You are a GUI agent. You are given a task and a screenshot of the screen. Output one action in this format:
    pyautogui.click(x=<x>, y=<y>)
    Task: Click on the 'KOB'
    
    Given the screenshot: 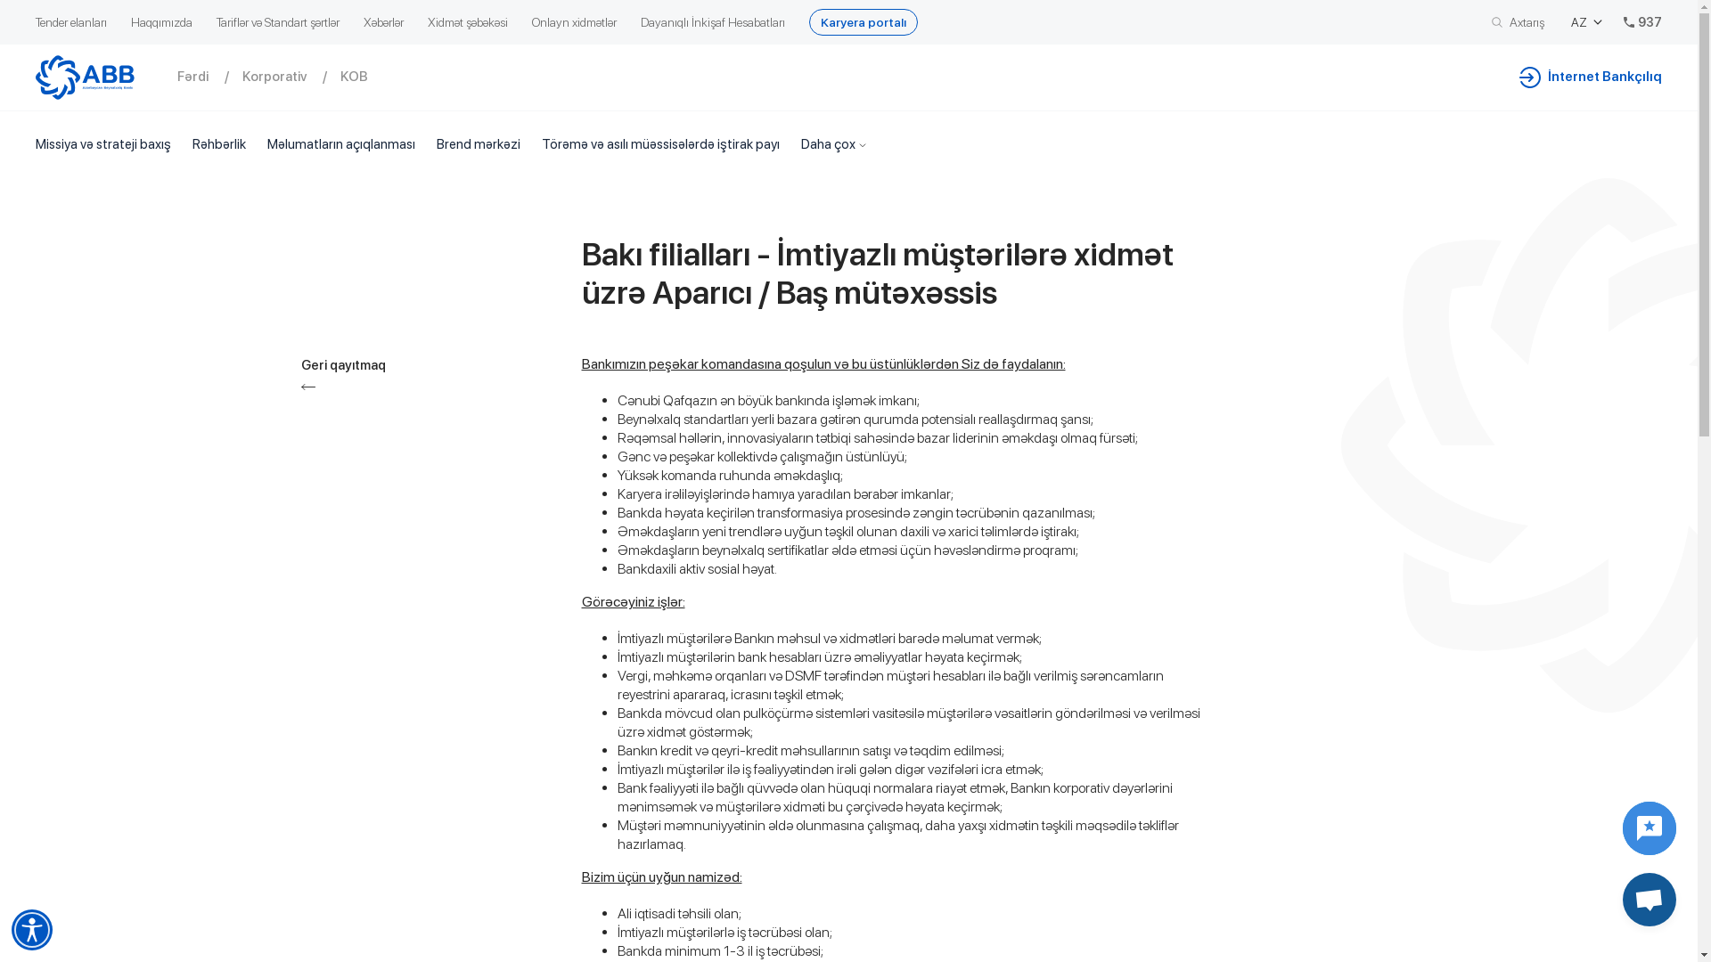 What is the action you would take?
    pyautogui.click(x=366, y=76)
    